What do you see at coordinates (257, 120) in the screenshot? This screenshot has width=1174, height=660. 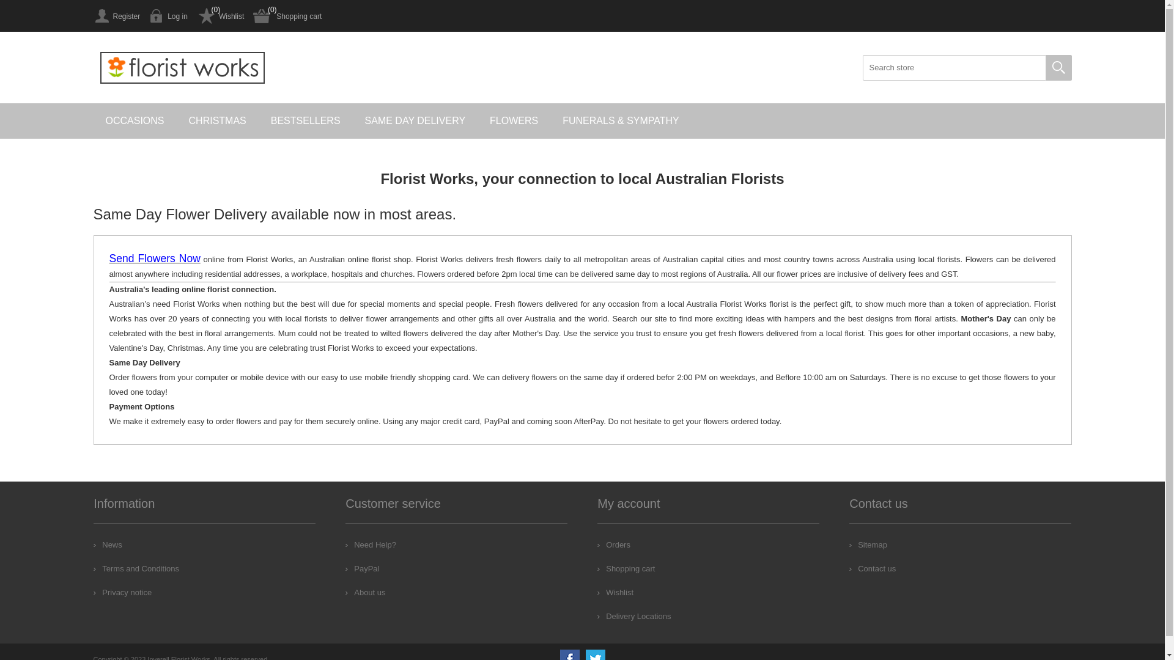 I see `'BESTSELLERS'` at bounding box center [257, 120].